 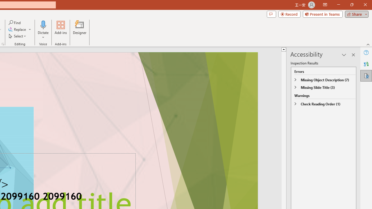 What do you see at coordinates (18, 36) in the screenshot?
I see `'Select'` at bounding box center [18, 36].